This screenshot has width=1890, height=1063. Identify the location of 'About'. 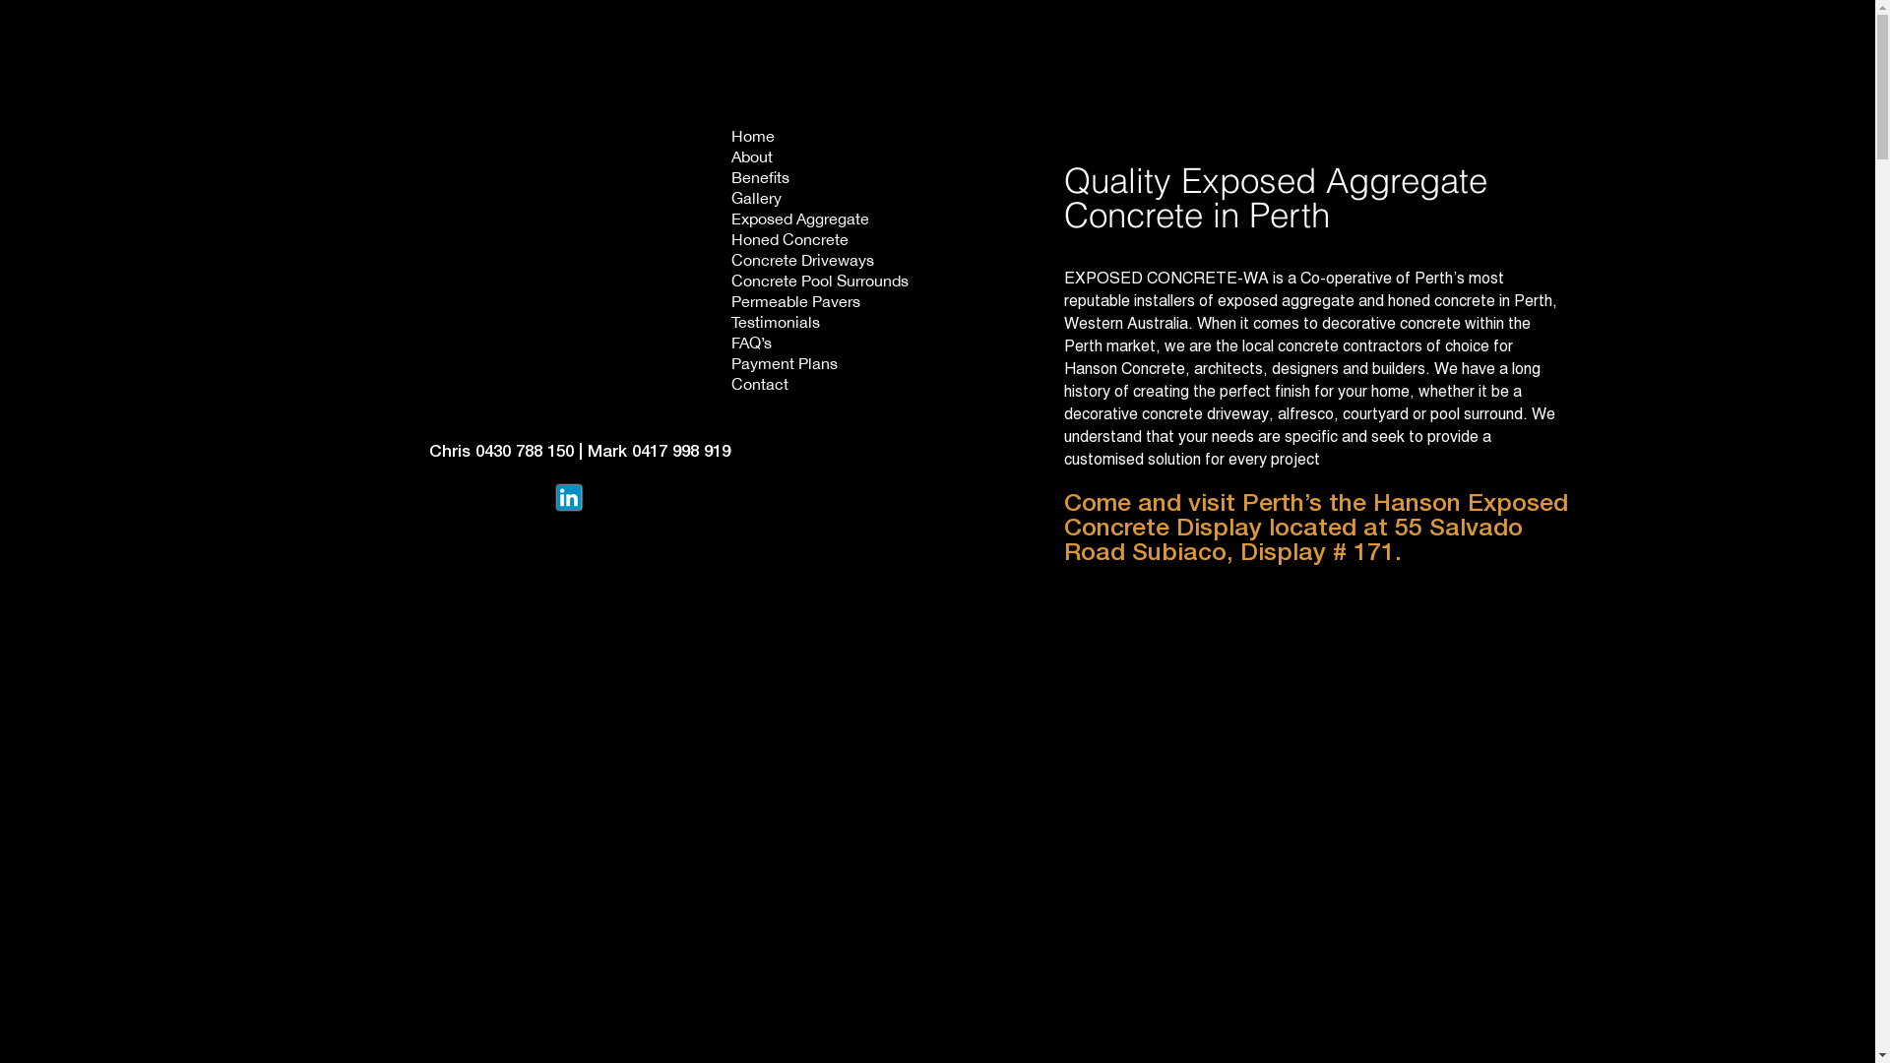
(729, 157).